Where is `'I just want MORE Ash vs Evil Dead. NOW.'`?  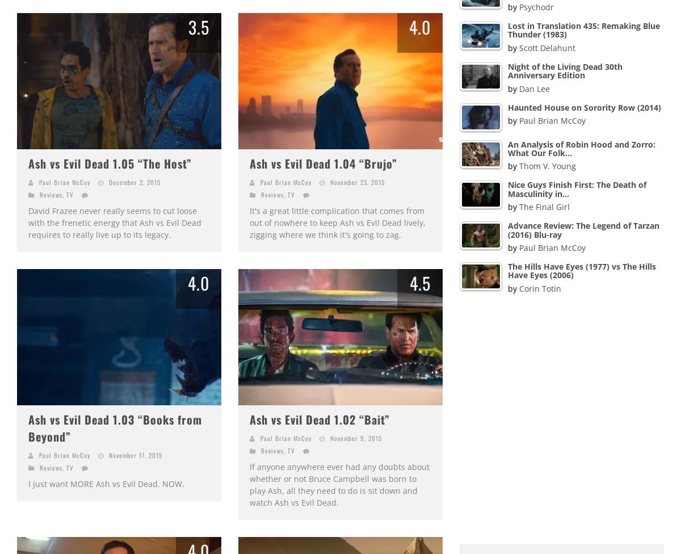 'I just want MORE Ash vs Evil Dead. NOW.' is located at coordinates (28, 484).